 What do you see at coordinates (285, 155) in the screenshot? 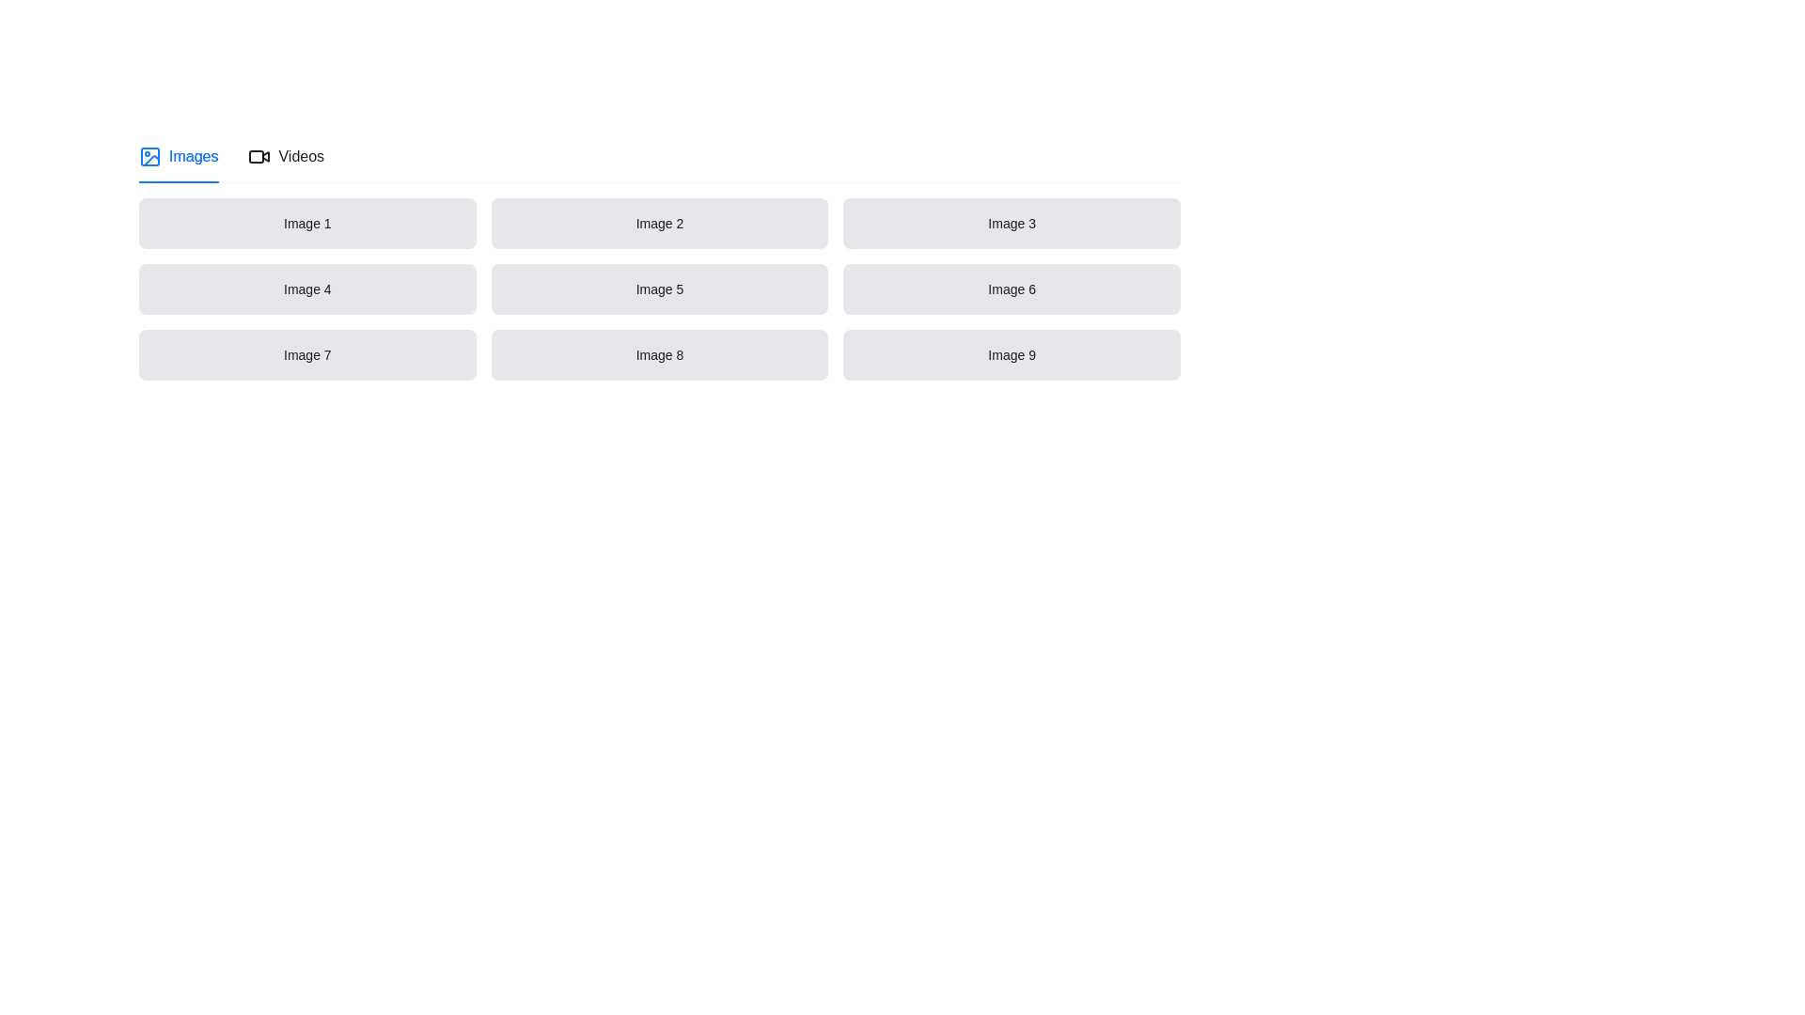
I see `the 'Videos' tab button located at the top-left section of the interface` at bounding box center [285, 155].